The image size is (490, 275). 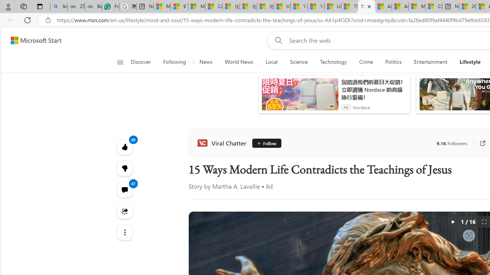 What do you see at coordinates (366, 62) in the screenshot?
I see `'Crime'` at bounding box center [366, 62].